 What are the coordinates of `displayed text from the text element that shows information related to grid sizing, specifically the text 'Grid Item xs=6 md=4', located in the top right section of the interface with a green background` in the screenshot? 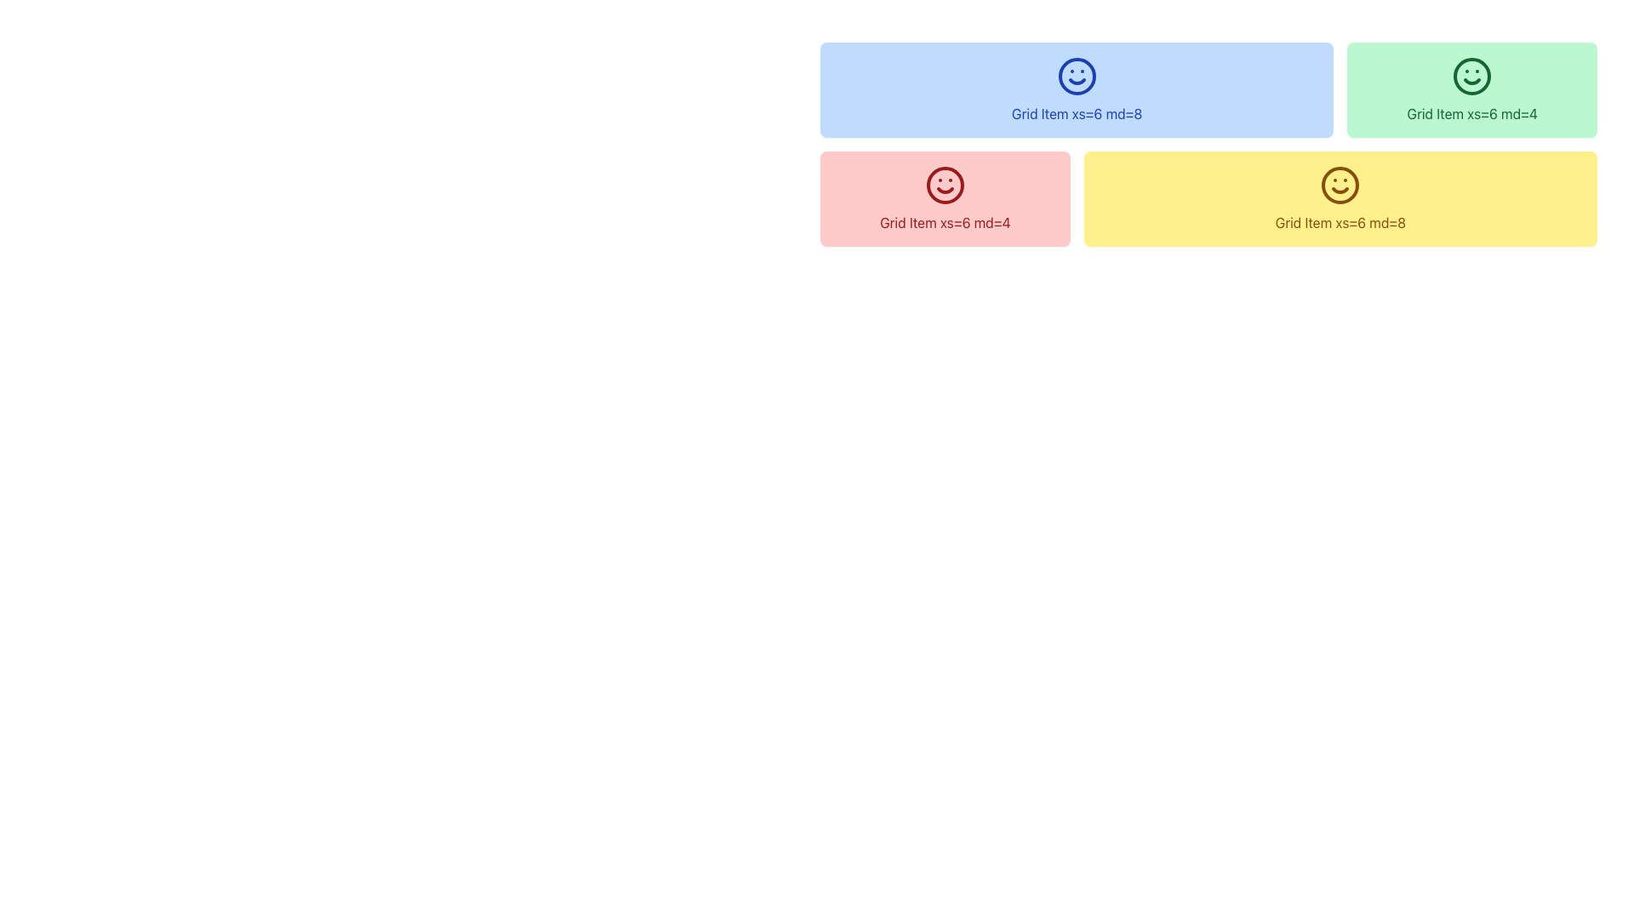 It's located at (1500, 114).